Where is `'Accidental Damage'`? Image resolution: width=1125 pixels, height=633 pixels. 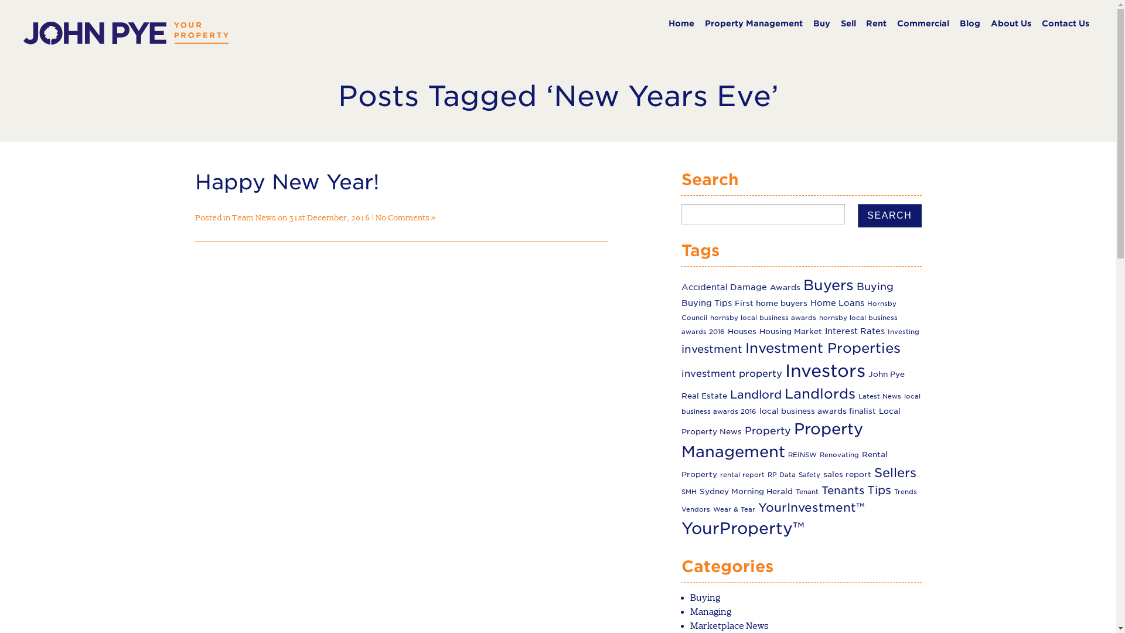
'Accidental Damage' is located at coordinates (724, 287).